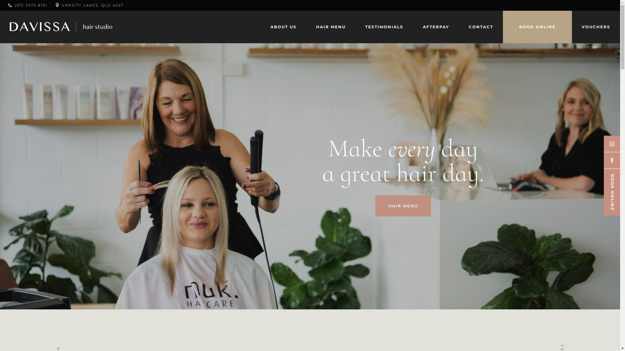  What do you see at coordinates (481, 27) in the screenshot?
I see `'CONTACT'` at bounding box center [481, 27].